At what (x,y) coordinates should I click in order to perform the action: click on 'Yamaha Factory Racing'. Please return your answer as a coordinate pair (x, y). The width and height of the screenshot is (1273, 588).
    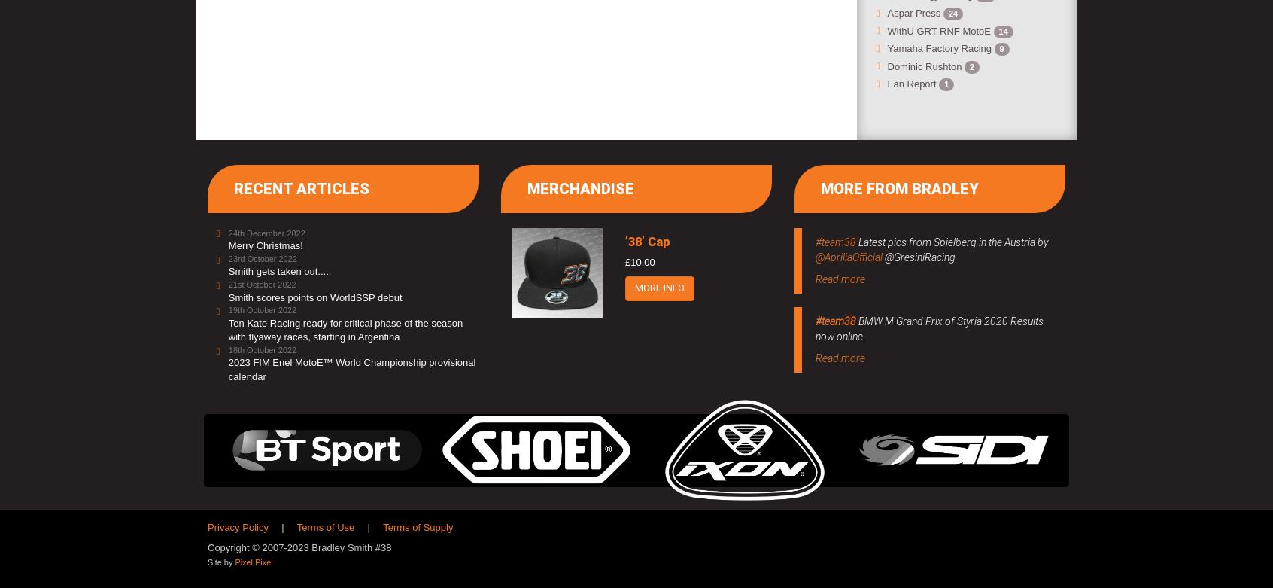
    Looking at the image, I should click on (940, 48).